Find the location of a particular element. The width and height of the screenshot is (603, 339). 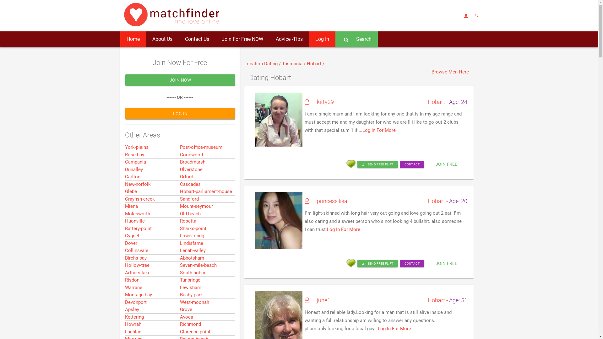

'Sandford' is located at coordinates (188, 199).